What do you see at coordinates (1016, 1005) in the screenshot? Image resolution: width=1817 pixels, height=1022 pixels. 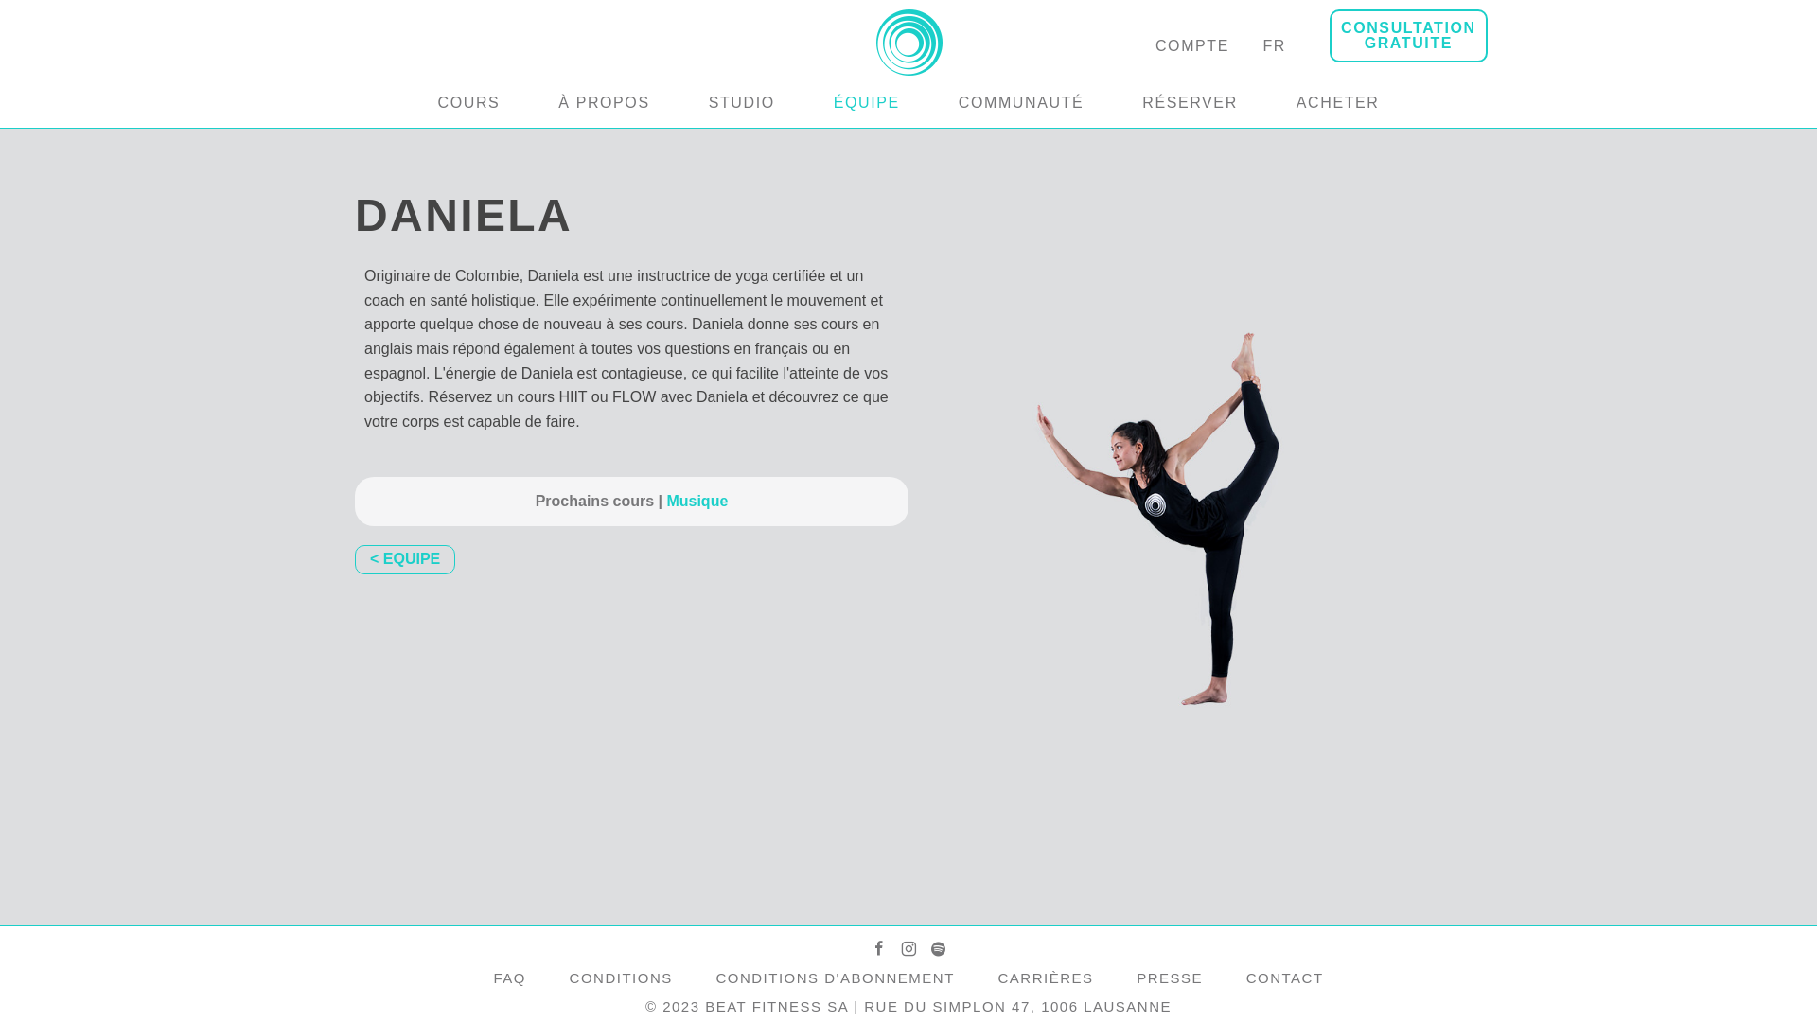 I see `'RUE DU SIMPLON 47, 1006 LAUSANNE'` at bounding box center [1016, 1005].